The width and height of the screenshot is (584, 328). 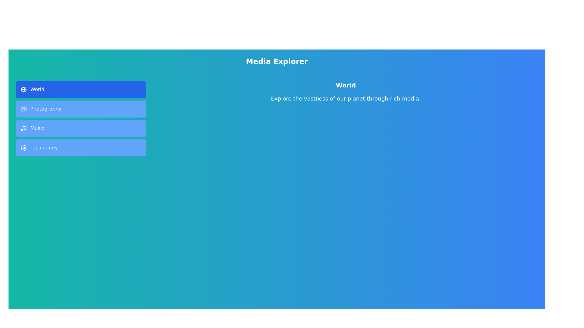 I want to click on the icon of the Technology tab to examine it, so click(x=23, y=148).